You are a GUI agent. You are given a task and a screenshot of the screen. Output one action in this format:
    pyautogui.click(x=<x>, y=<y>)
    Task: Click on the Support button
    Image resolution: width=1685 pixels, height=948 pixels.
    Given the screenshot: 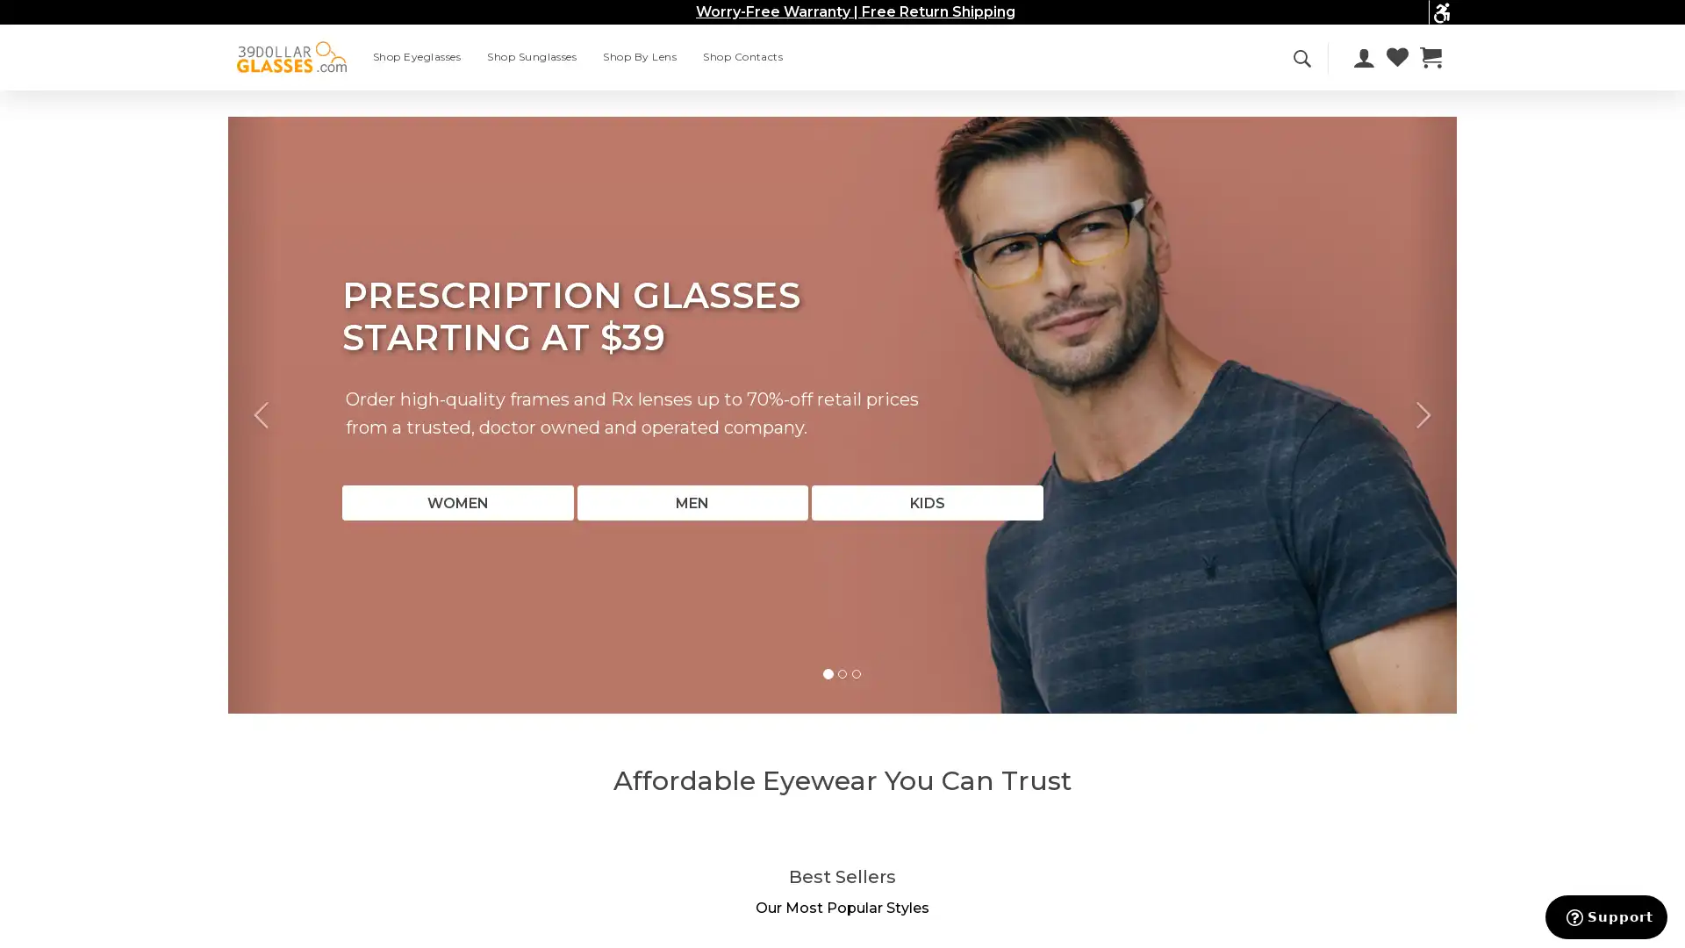 What is the action you would take?
    pyautogui.click(x=1606, y=916)
    